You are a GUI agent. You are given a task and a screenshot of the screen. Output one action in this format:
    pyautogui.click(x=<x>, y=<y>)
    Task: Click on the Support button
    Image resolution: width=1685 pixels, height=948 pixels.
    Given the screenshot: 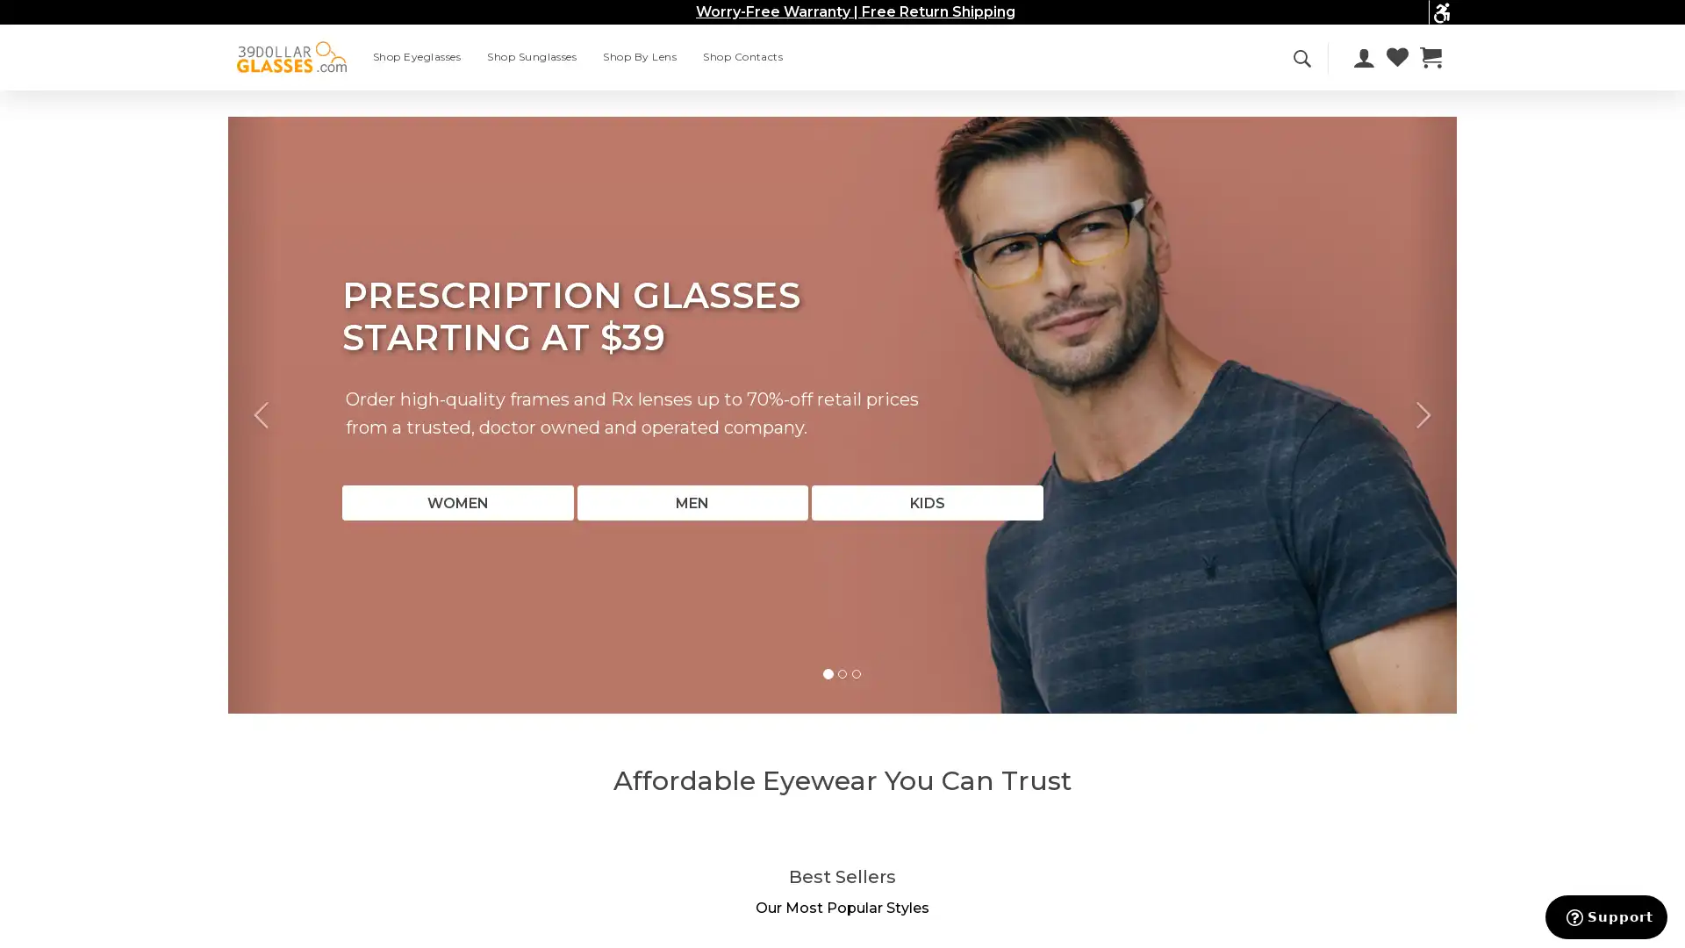 What is the action you would take?
    pyautogui.click(x=1606, y=916)
    